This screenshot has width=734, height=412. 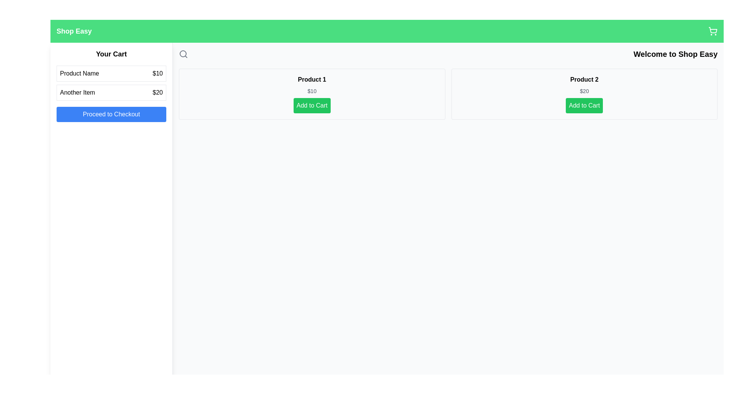 What do you see at coordinates (111, 114) in the screenshot?
I see `the button at the bottom of the 'Your Cart' sidebar` at bounding box center [111, 114].